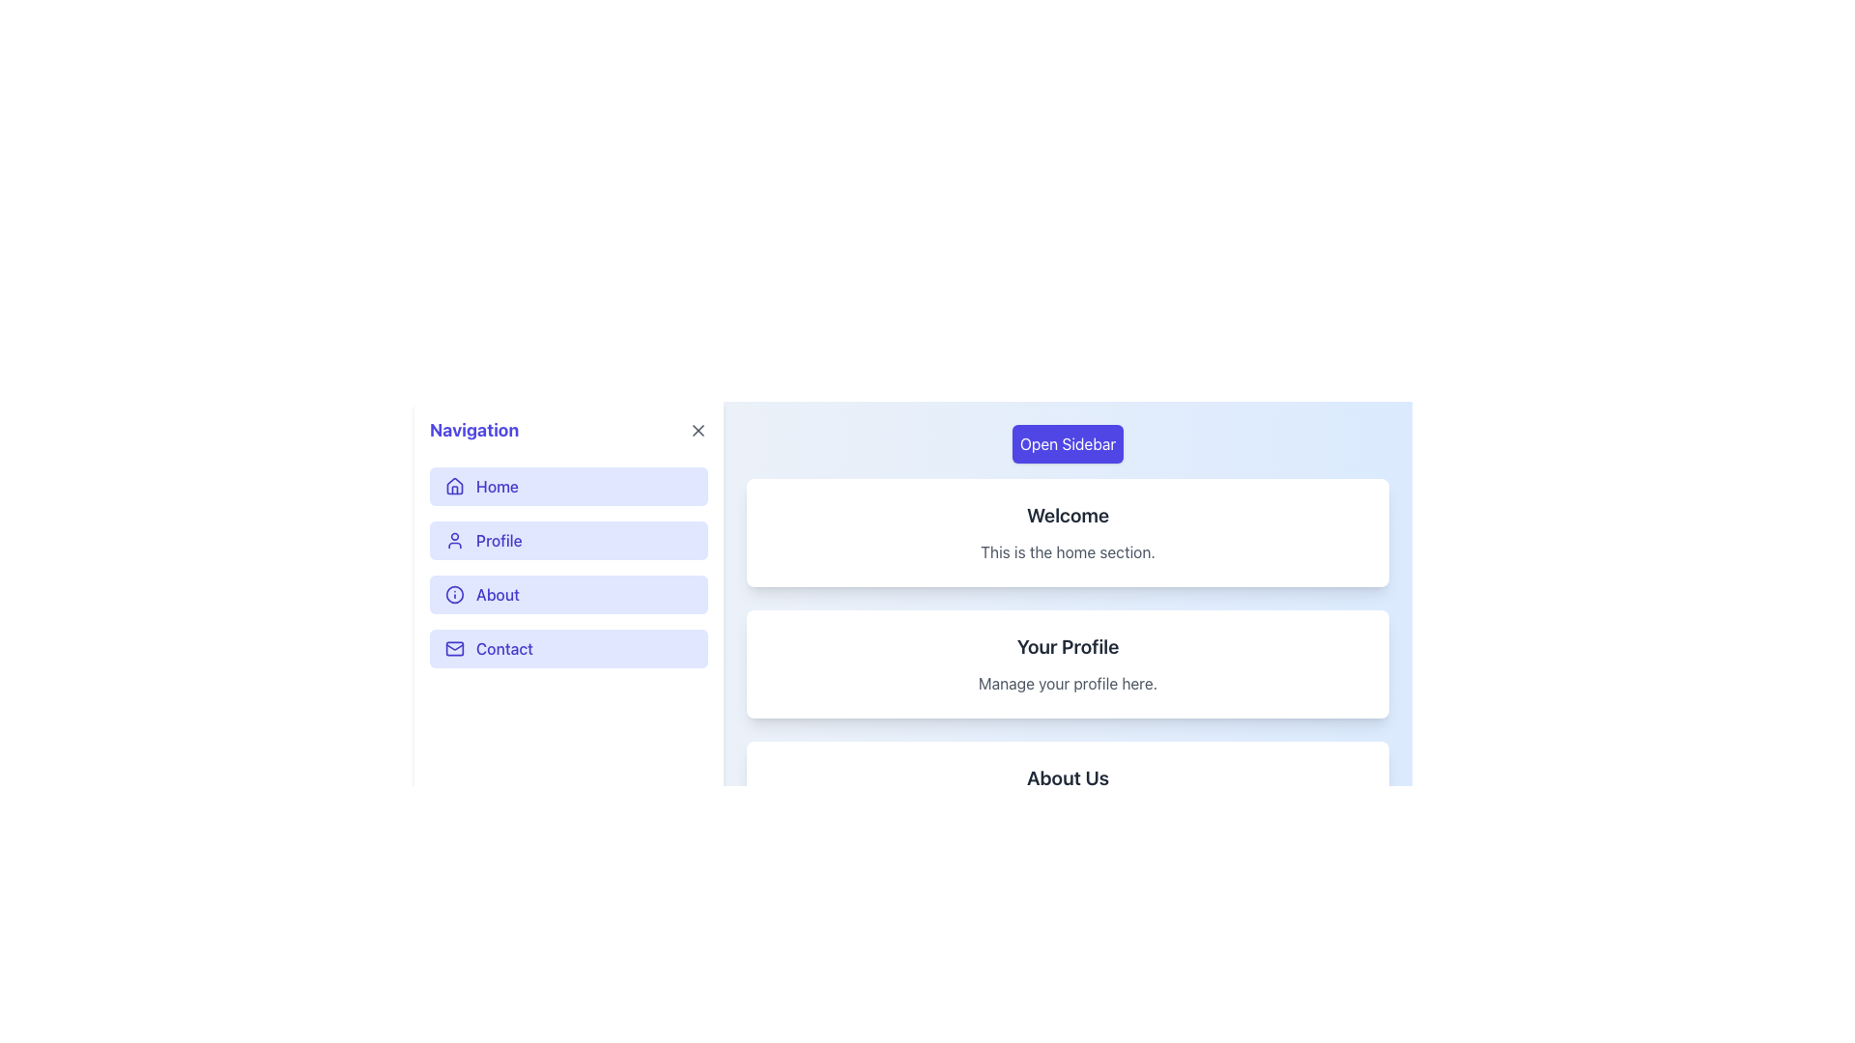 The height and width of the screenshot is (1043, 1855). Describe the element at coordinates (1067, 662) in the screenshot. I see `text content of the Informational Panel titled 'Your Profile', which contains the subtitle 'Manage your profile here.'` at that location.